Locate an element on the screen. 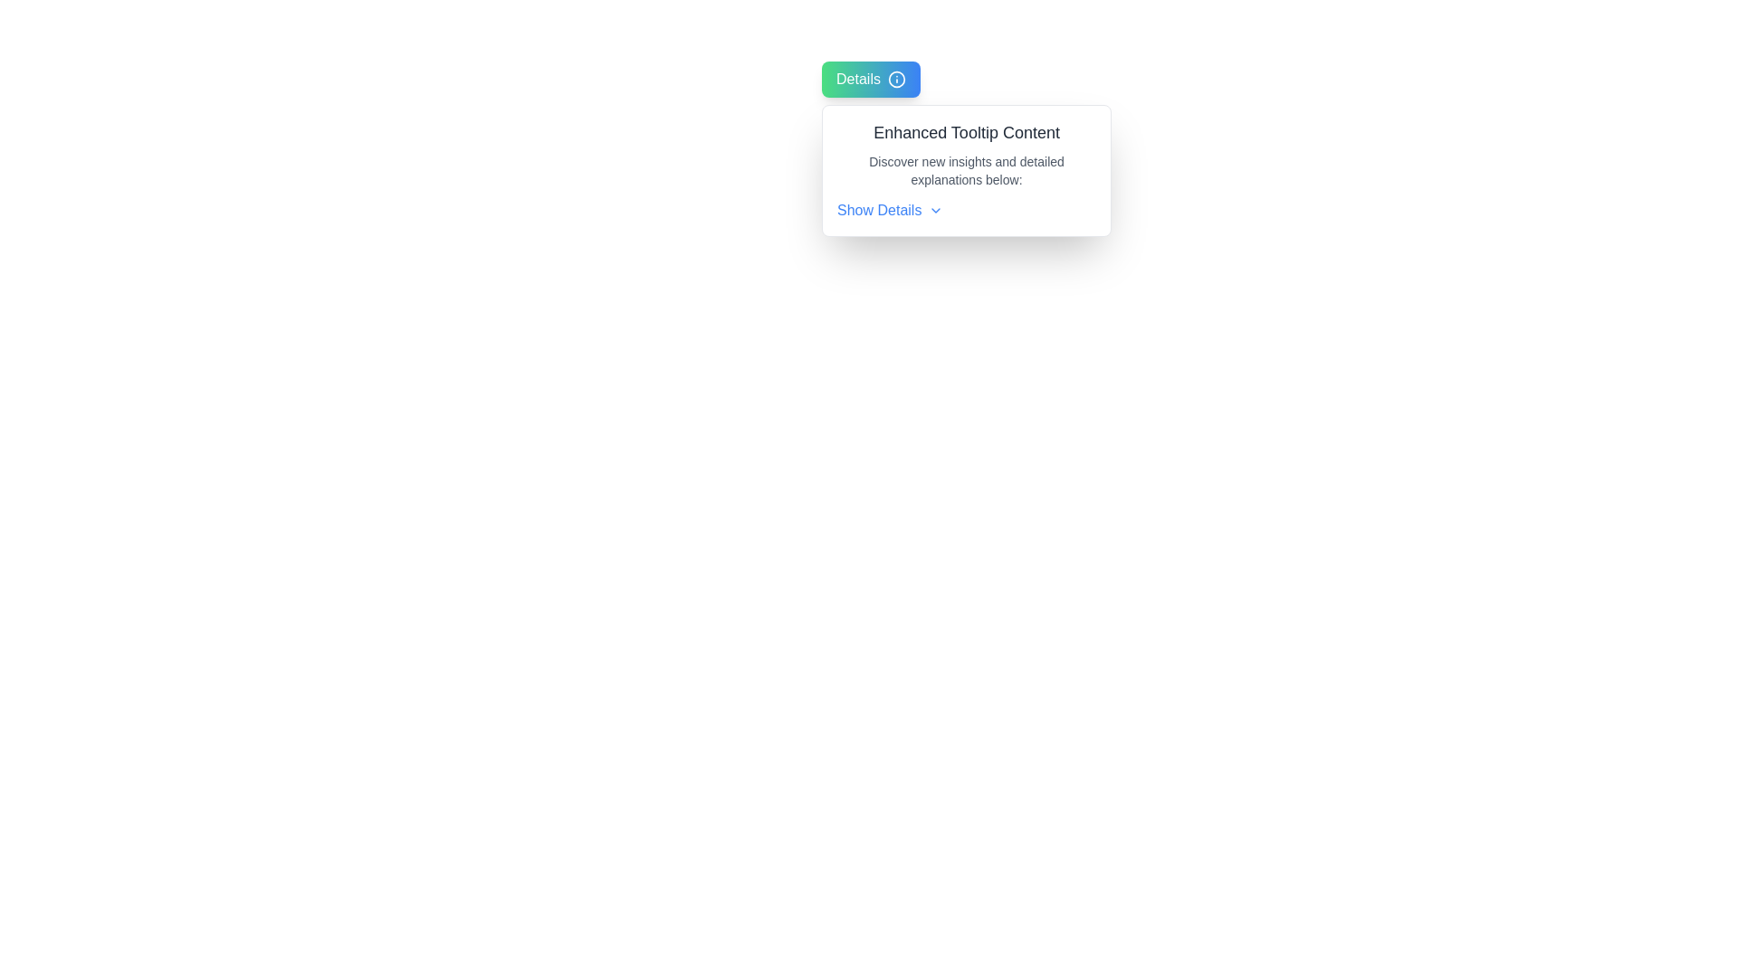 Image resolution: width=1738 pixels, height=977 pixels. the expansion icon located to the immediate right of the 'Show Details' text label is located at coordinates (936, 209).